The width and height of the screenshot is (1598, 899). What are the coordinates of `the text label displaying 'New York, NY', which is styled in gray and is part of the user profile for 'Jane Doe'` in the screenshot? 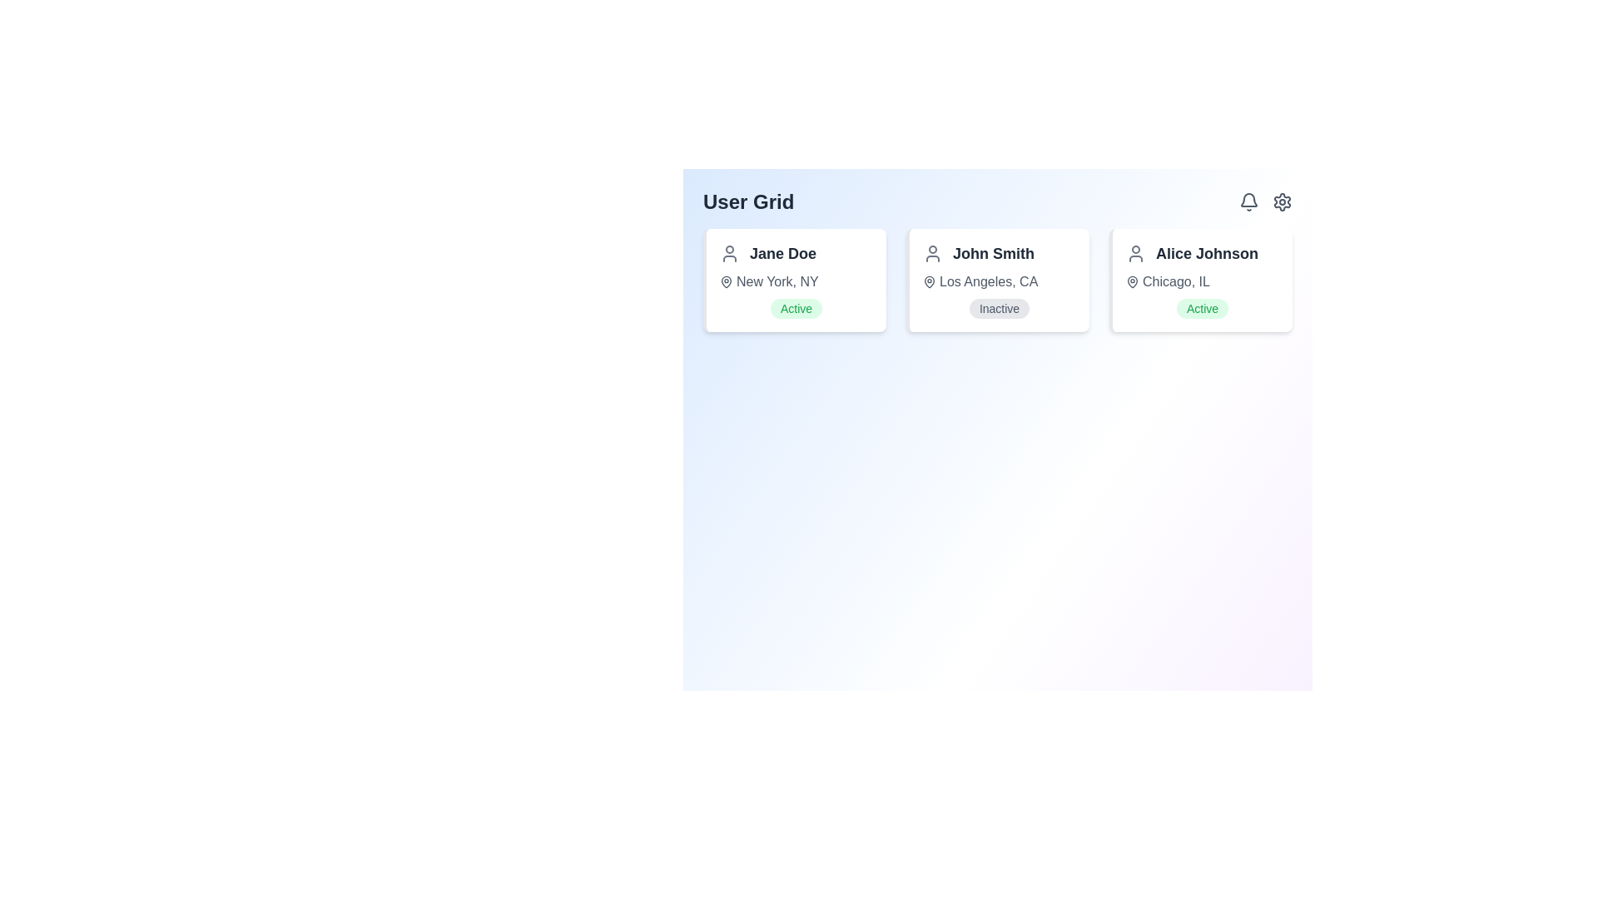 It's located at (777, 281).